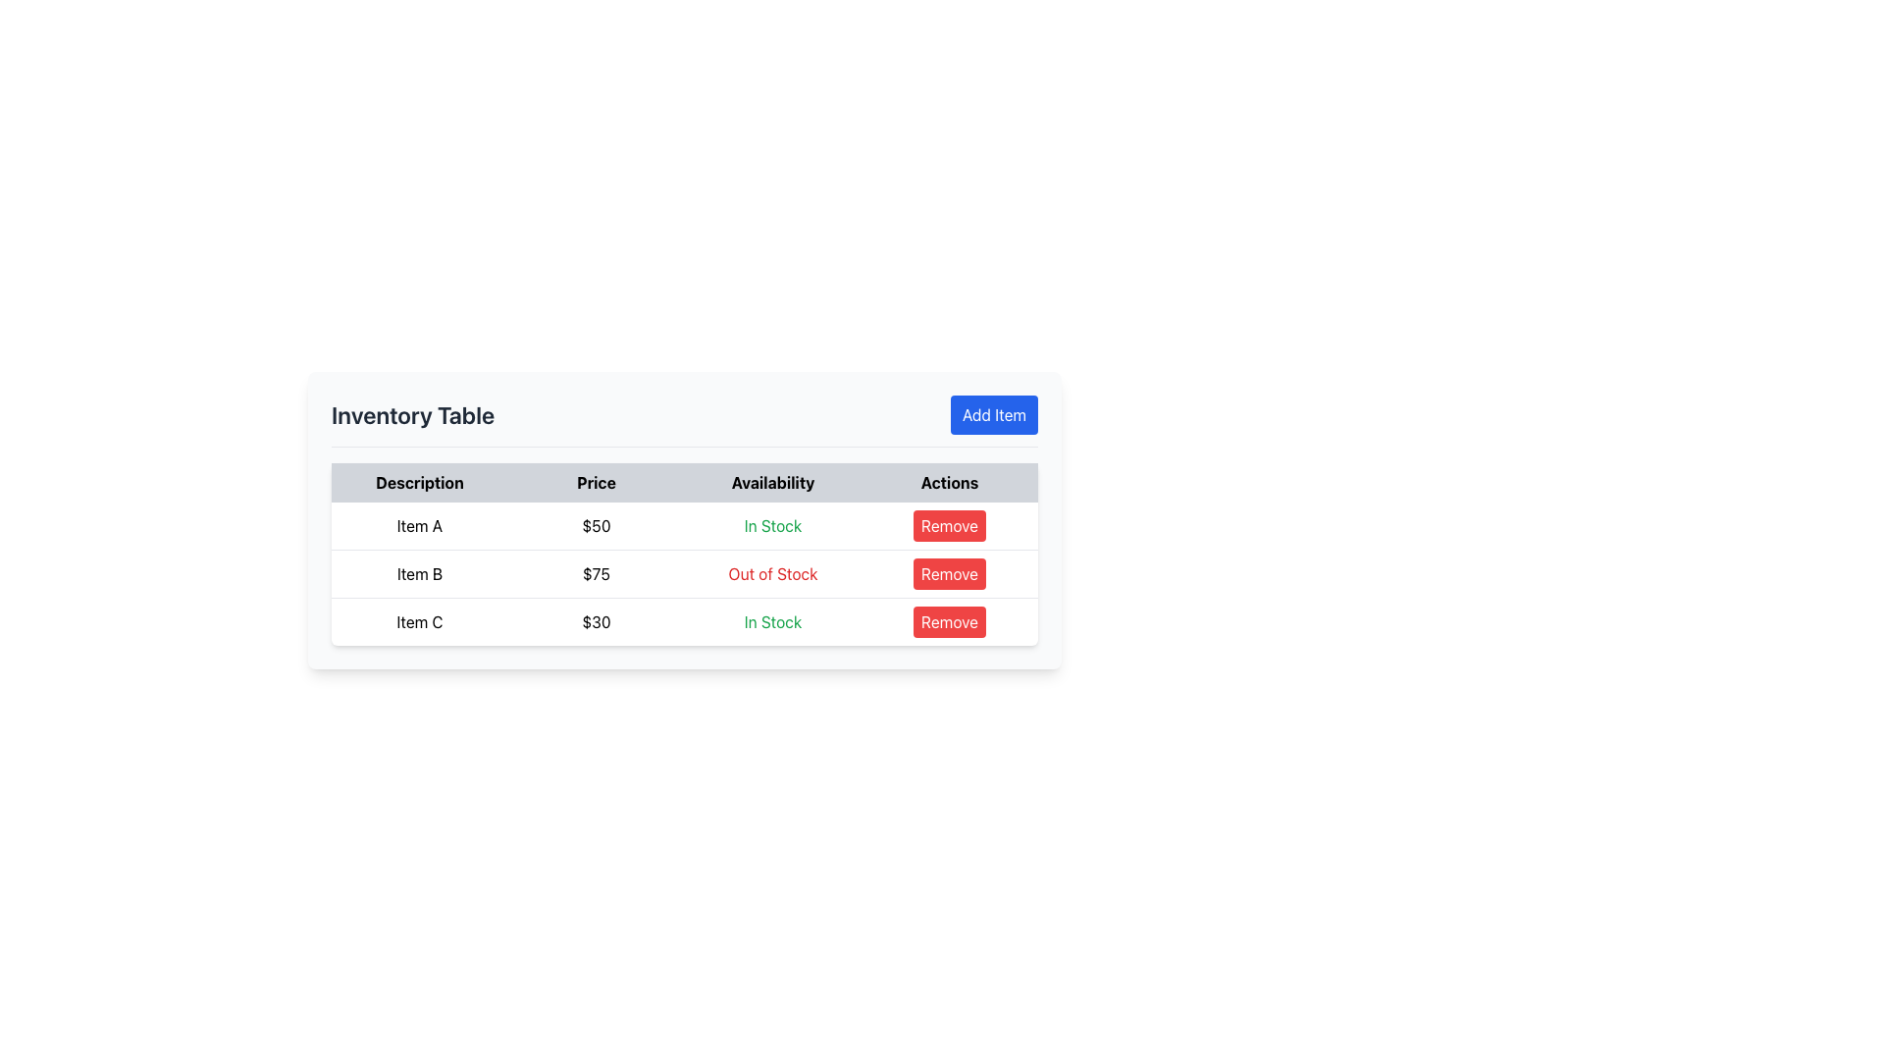  Describe the element at coordinates (418, 483) in the screenshot. I see `the 'Description' text label, which is the first header in a table row styled in bold, black font on a gray background` at that location.